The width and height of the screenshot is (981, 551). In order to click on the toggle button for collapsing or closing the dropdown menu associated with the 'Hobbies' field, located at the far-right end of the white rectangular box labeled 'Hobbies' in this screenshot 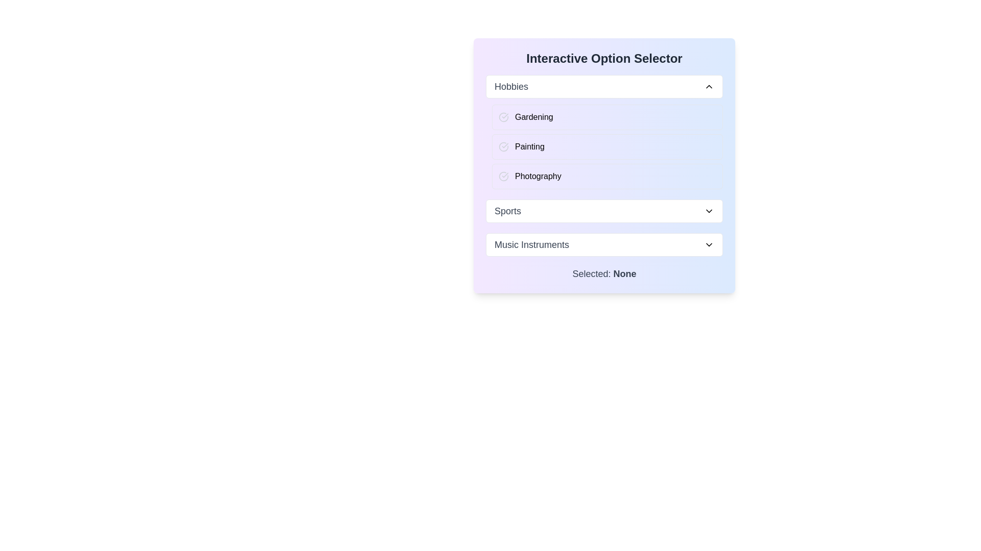, I will do `click(708, 86)`.